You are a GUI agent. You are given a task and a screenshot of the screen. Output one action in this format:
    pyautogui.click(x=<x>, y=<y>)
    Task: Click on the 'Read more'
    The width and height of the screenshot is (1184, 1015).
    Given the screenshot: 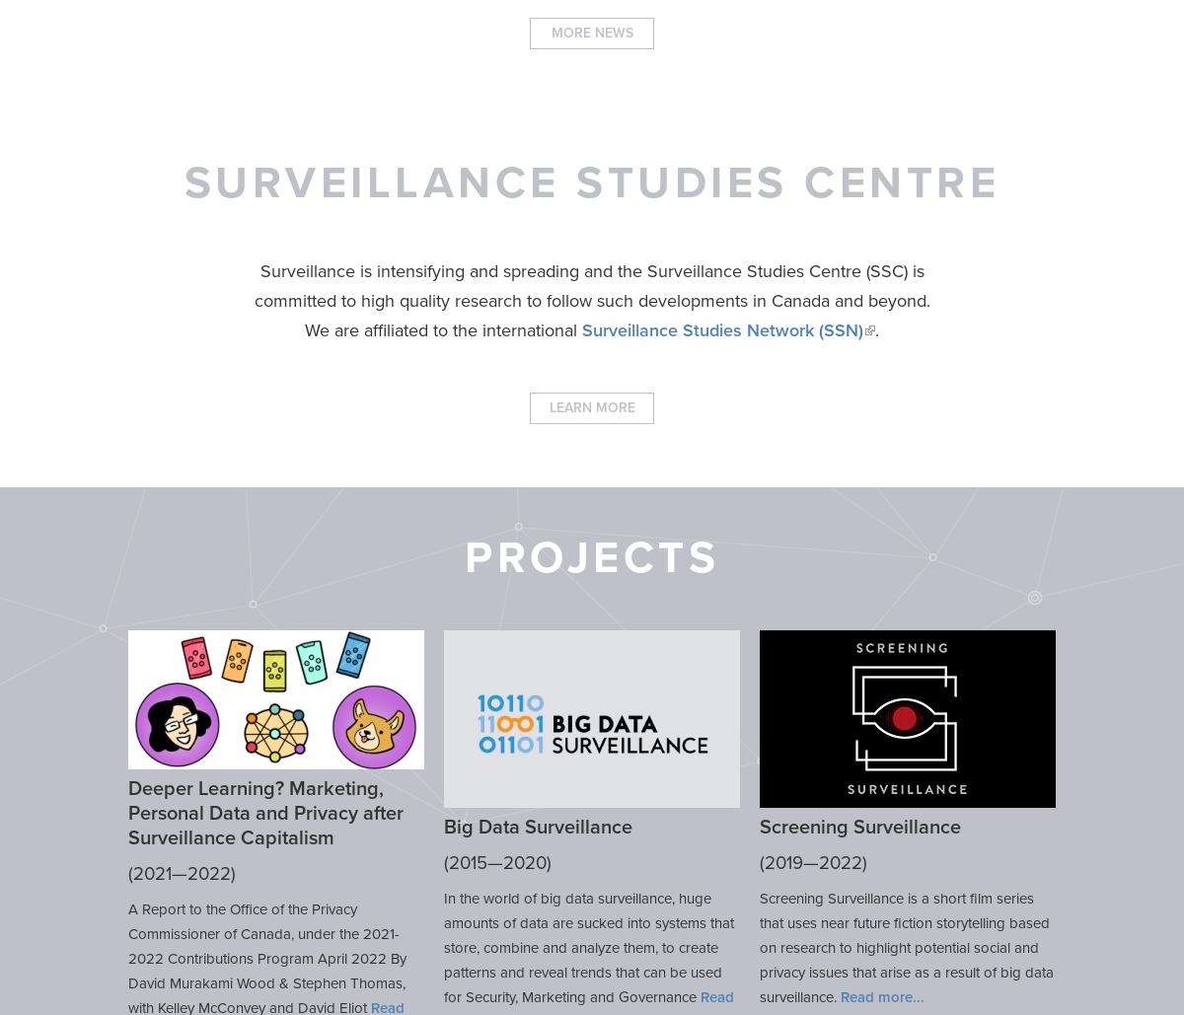 What is the action you would take?
    pyautogui.click(x=875, y=995)
    